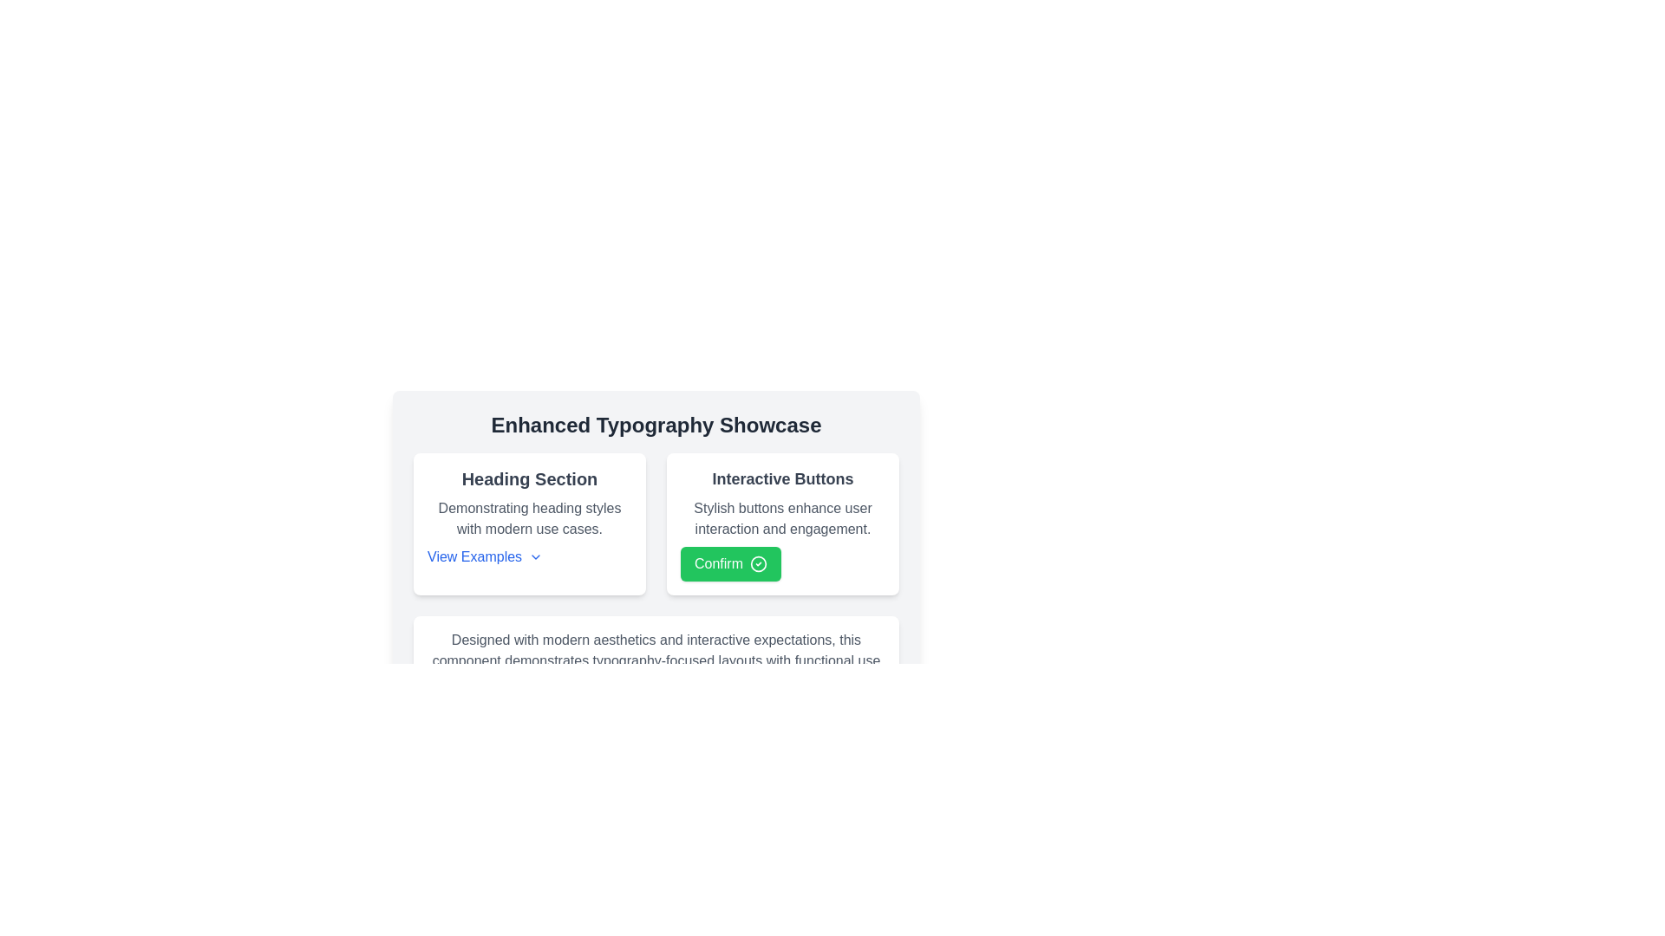 The image size is (1665, 936). I want to click on the 'Confirm' button located on the second card component in the two-column grid layout, positioned to the right of the 'Heading Section', so click(781, 523).